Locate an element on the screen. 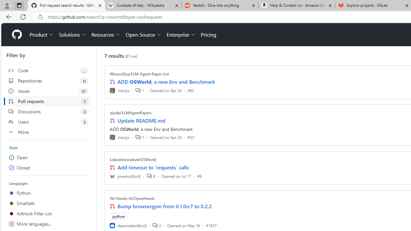 The width and height of the screenshot is (411, 231). '#23' is located at coordinates (190, 137).